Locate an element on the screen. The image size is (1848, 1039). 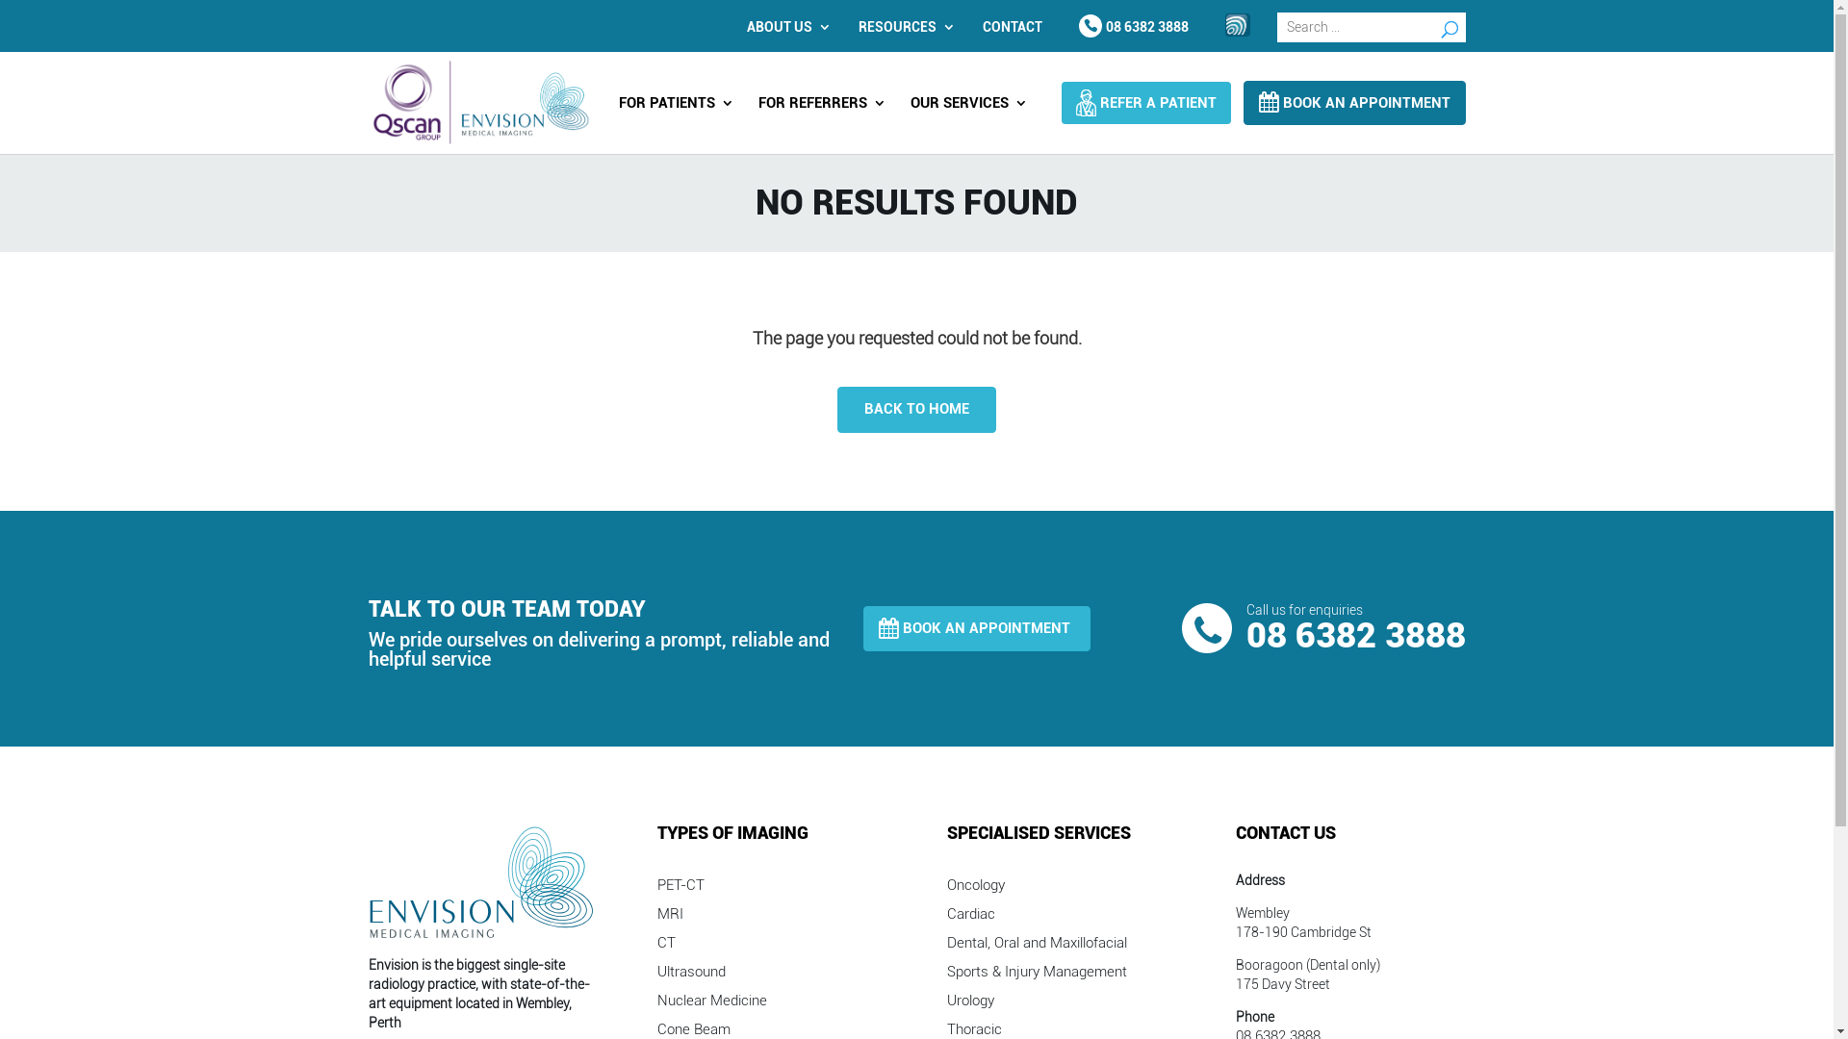
'ABOUT US' is located at coordinates (784, 26).